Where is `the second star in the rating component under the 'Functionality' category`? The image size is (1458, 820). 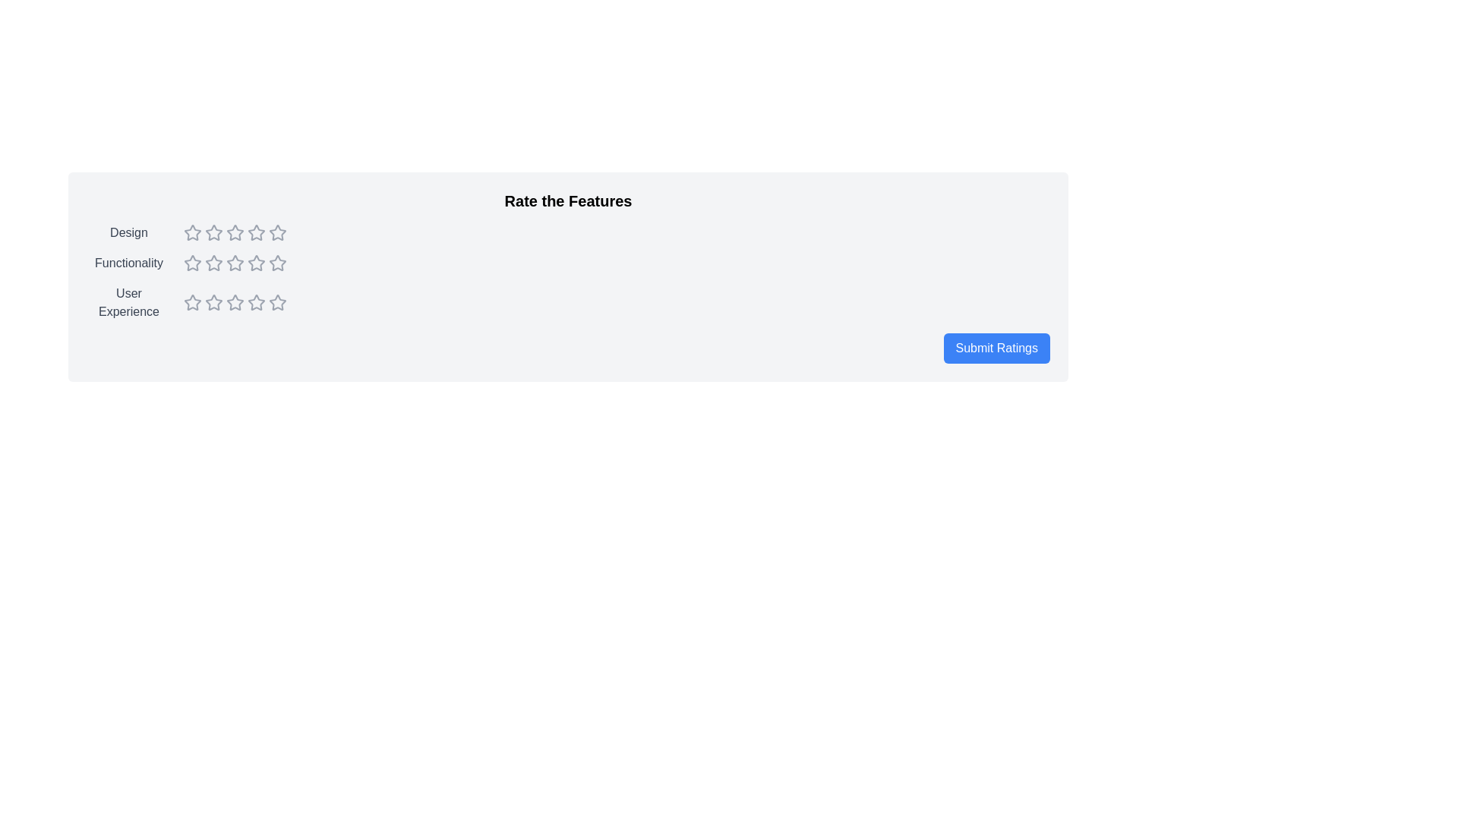
the second star in the rating component under the 'Functionality' category is located at coordinates (192, 263).